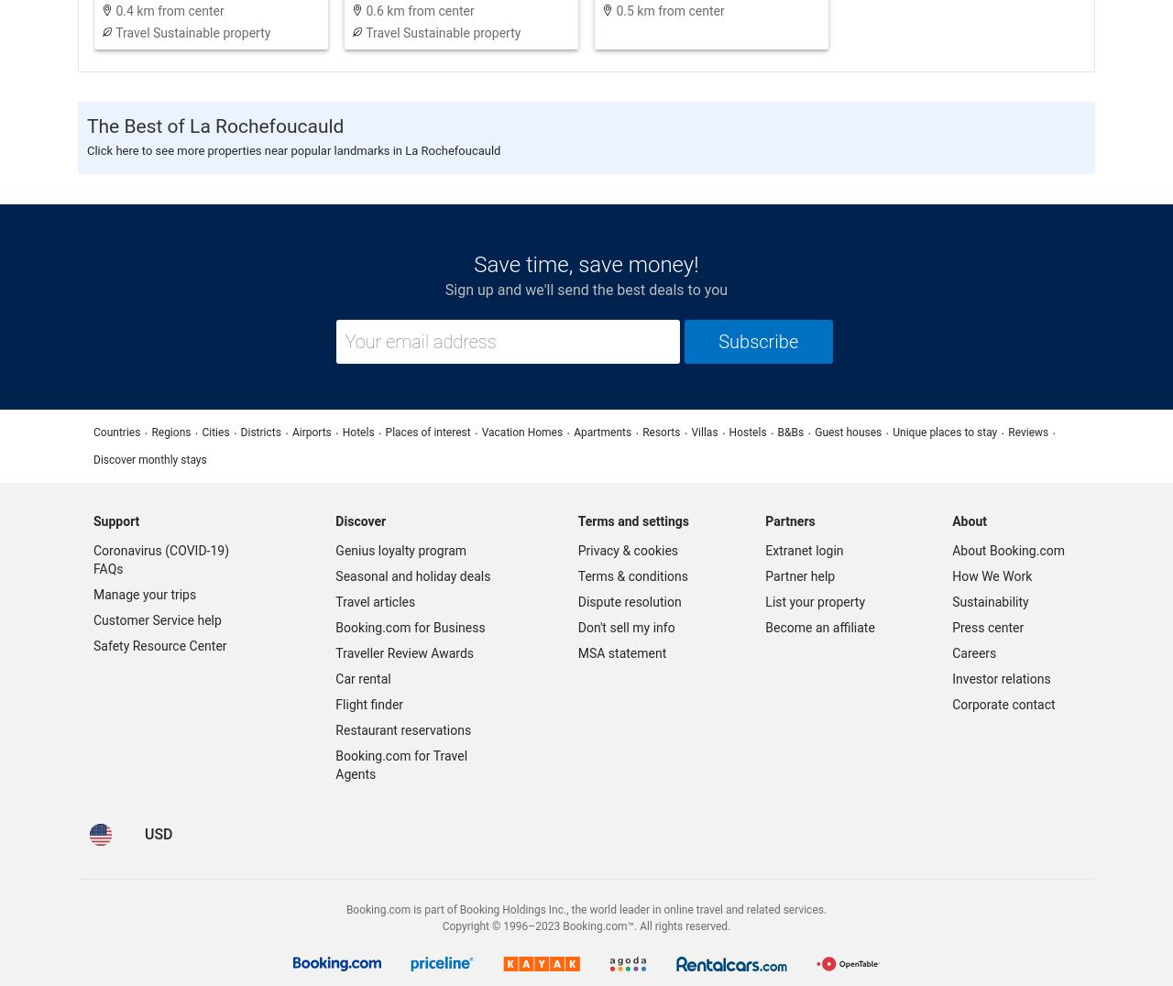  I want to click on 'Seasonal and holiday deals', so click(411, 575).